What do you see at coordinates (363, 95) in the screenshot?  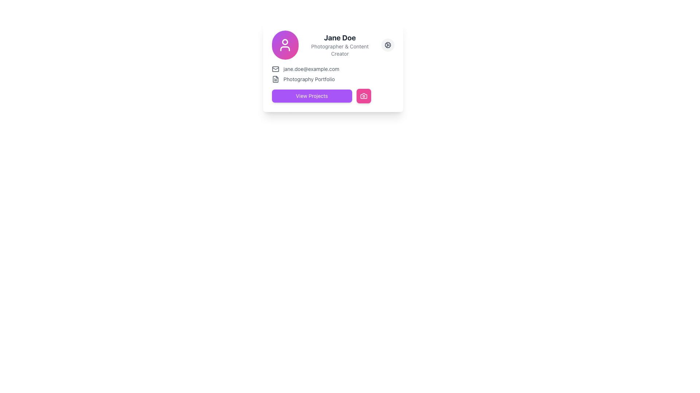 I see `the decorative or functional camera icon located in the bottom-right corner of the white card, adjacent to the 'View Projects' button for media-related actions` at bounding box center [363, 95].